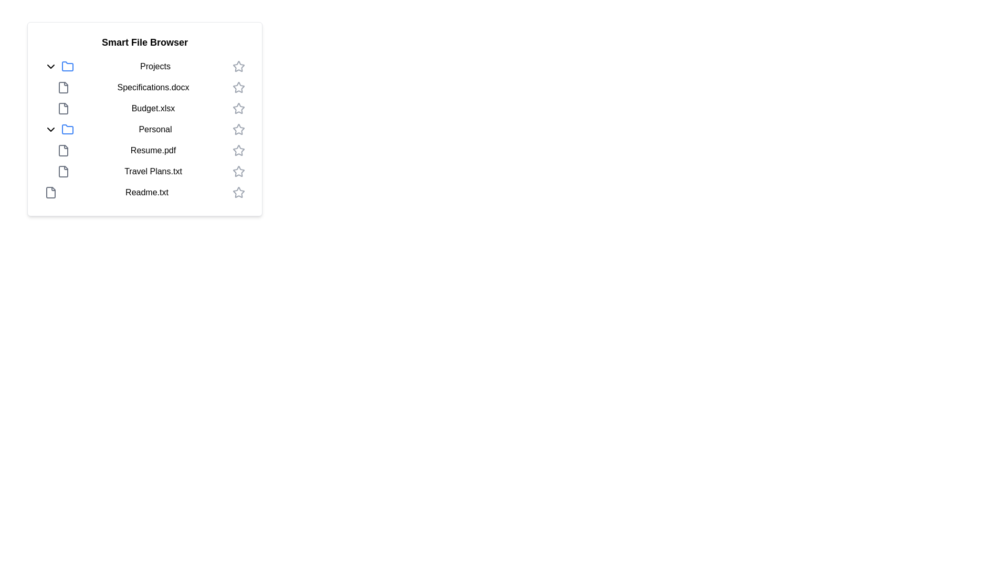 The height and width of the screenshot is (567, 1008). Describe the element at coordinates (151, 109) in the screenshot. I see `on the file entry named 'Budget.xlsx', which is the second item listed under the 'Projects' folder in the file browser interface` at that location.